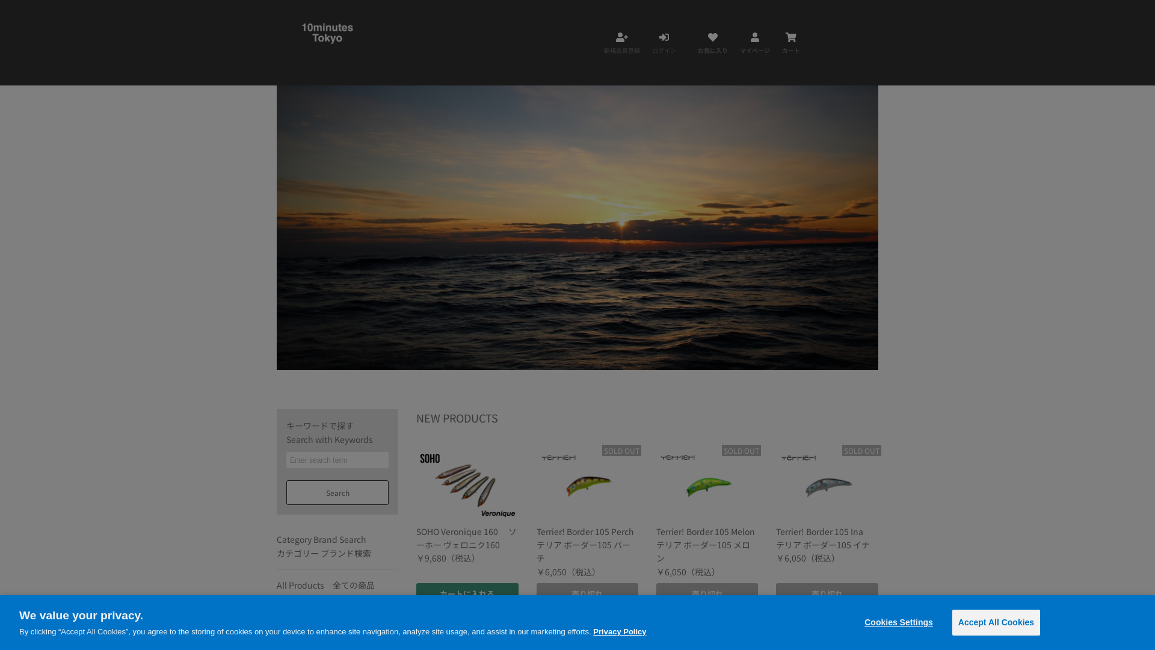 The height and width of the screenshot is (650, 1155). Describe the element at coordinates (337, 492) in the screenshot. I see `'Search'` at that location.